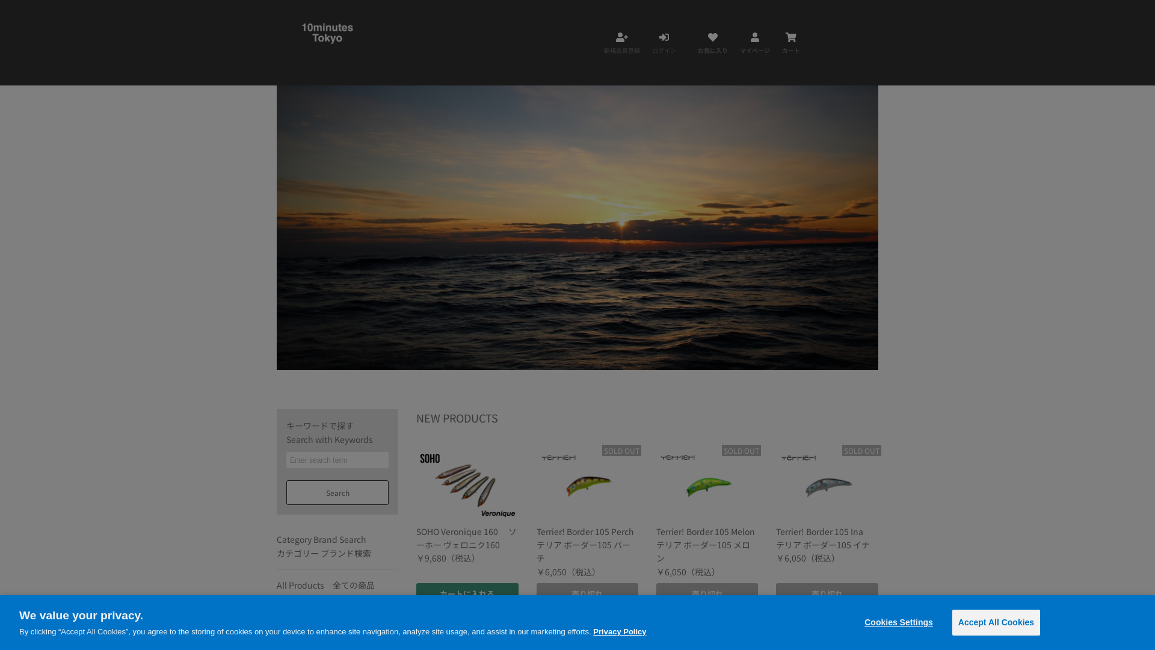 The height and width of the screenshot is (650, 1155). Describe the element at coordinates (337, 492) in the screenshot. I see `'Search'` at that location.